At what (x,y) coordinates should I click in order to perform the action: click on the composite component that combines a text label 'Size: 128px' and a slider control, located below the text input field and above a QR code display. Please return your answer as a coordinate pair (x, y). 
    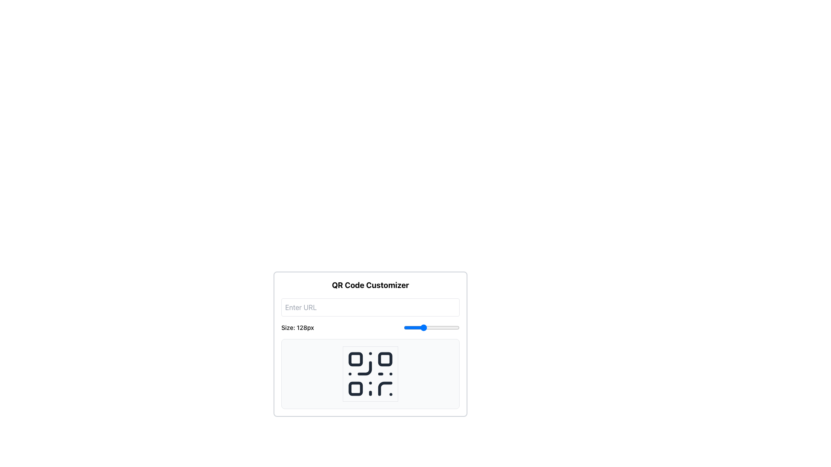
    Looking at the image, I should click on (370, 328).